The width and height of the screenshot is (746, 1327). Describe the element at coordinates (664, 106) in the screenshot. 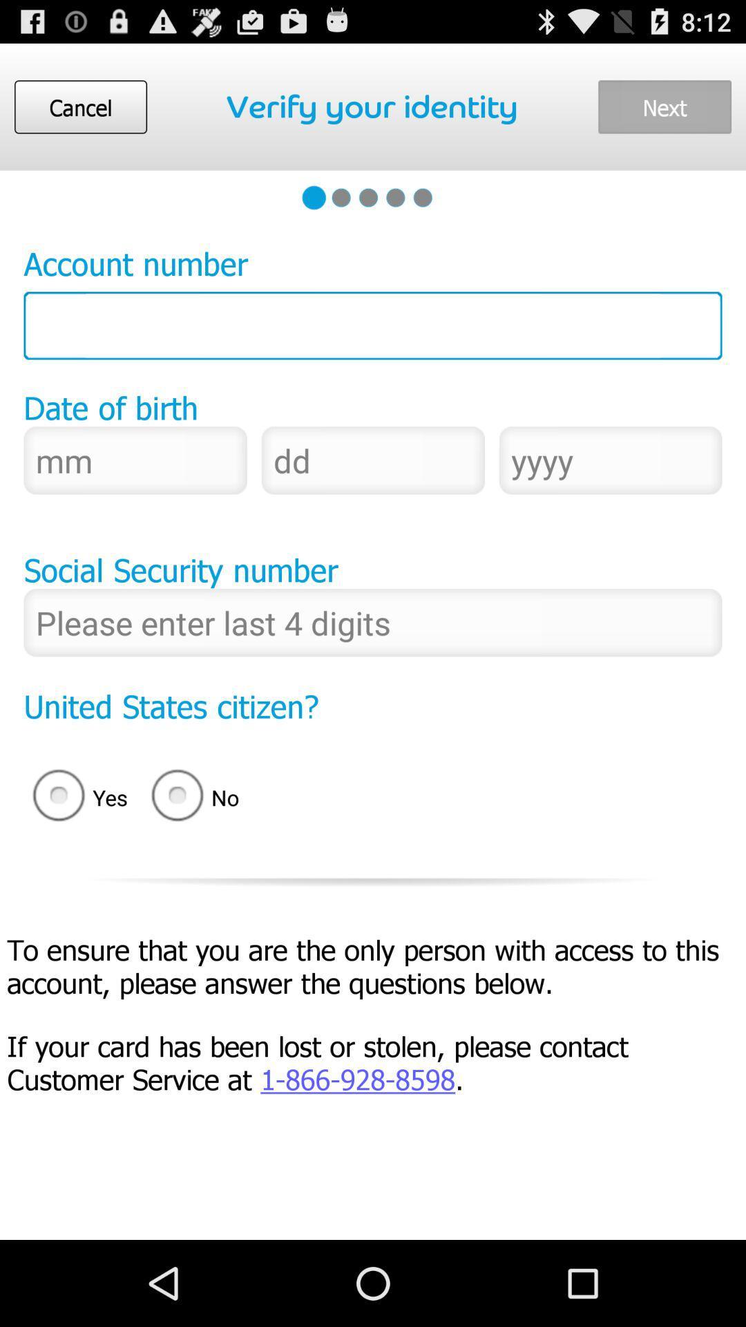

I see `the icon at the top right corner` at that location.